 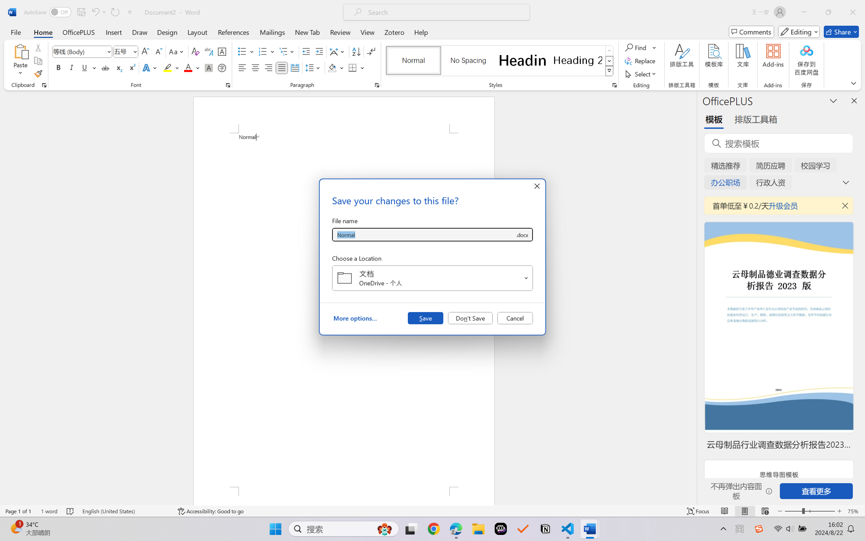 I want to click on 'Sort...', so click(x=356, y=52).